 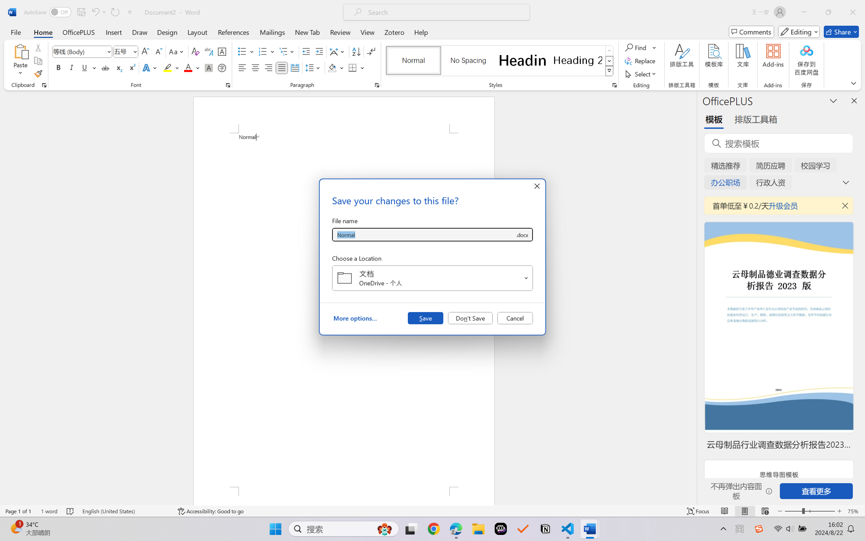 I want to click on 'Sort...', so click(x=356, y=52).